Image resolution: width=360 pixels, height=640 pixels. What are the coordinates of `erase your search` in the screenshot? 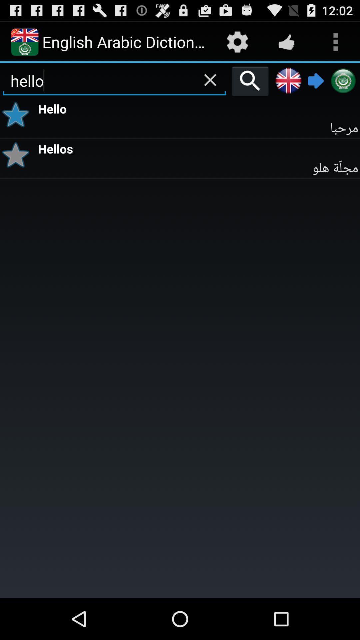 It's located at (210, 80).